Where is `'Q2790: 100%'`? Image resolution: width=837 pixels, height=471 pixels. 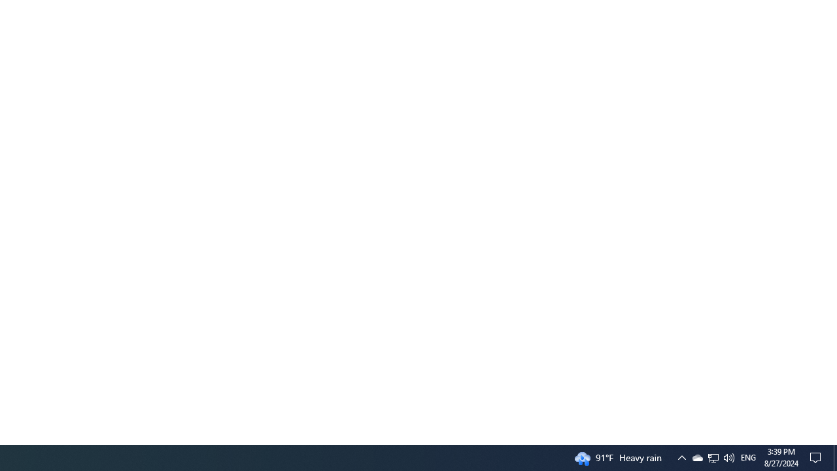 'Q2790: 100%' is located at coordinates (696, 457).